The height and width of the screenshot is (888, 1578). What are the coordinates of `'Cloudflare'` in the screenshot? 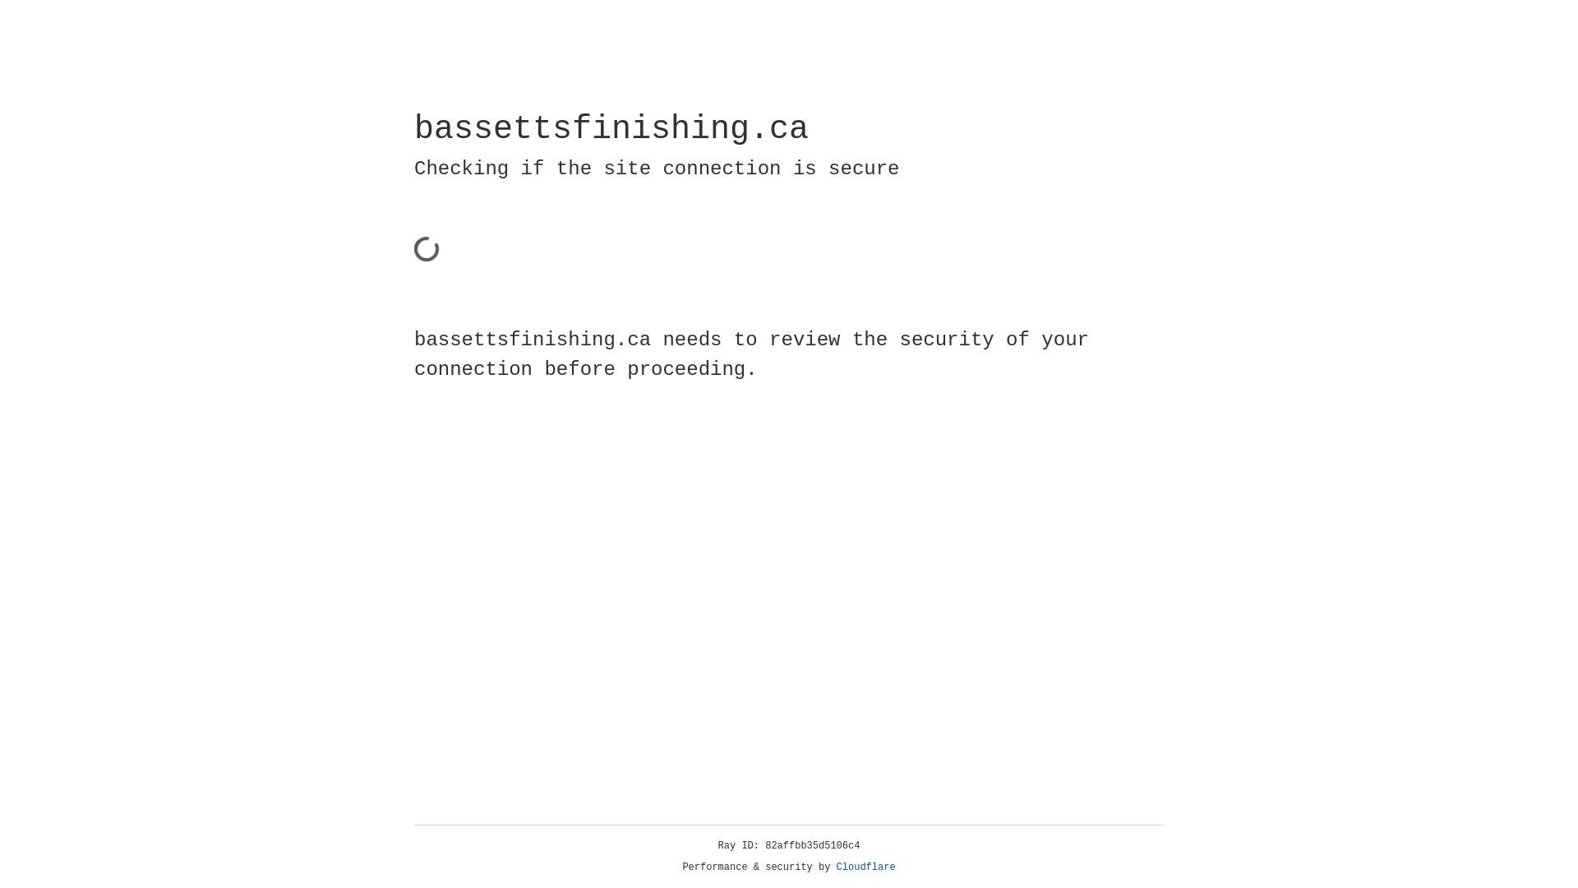 It's located at (865, 867).